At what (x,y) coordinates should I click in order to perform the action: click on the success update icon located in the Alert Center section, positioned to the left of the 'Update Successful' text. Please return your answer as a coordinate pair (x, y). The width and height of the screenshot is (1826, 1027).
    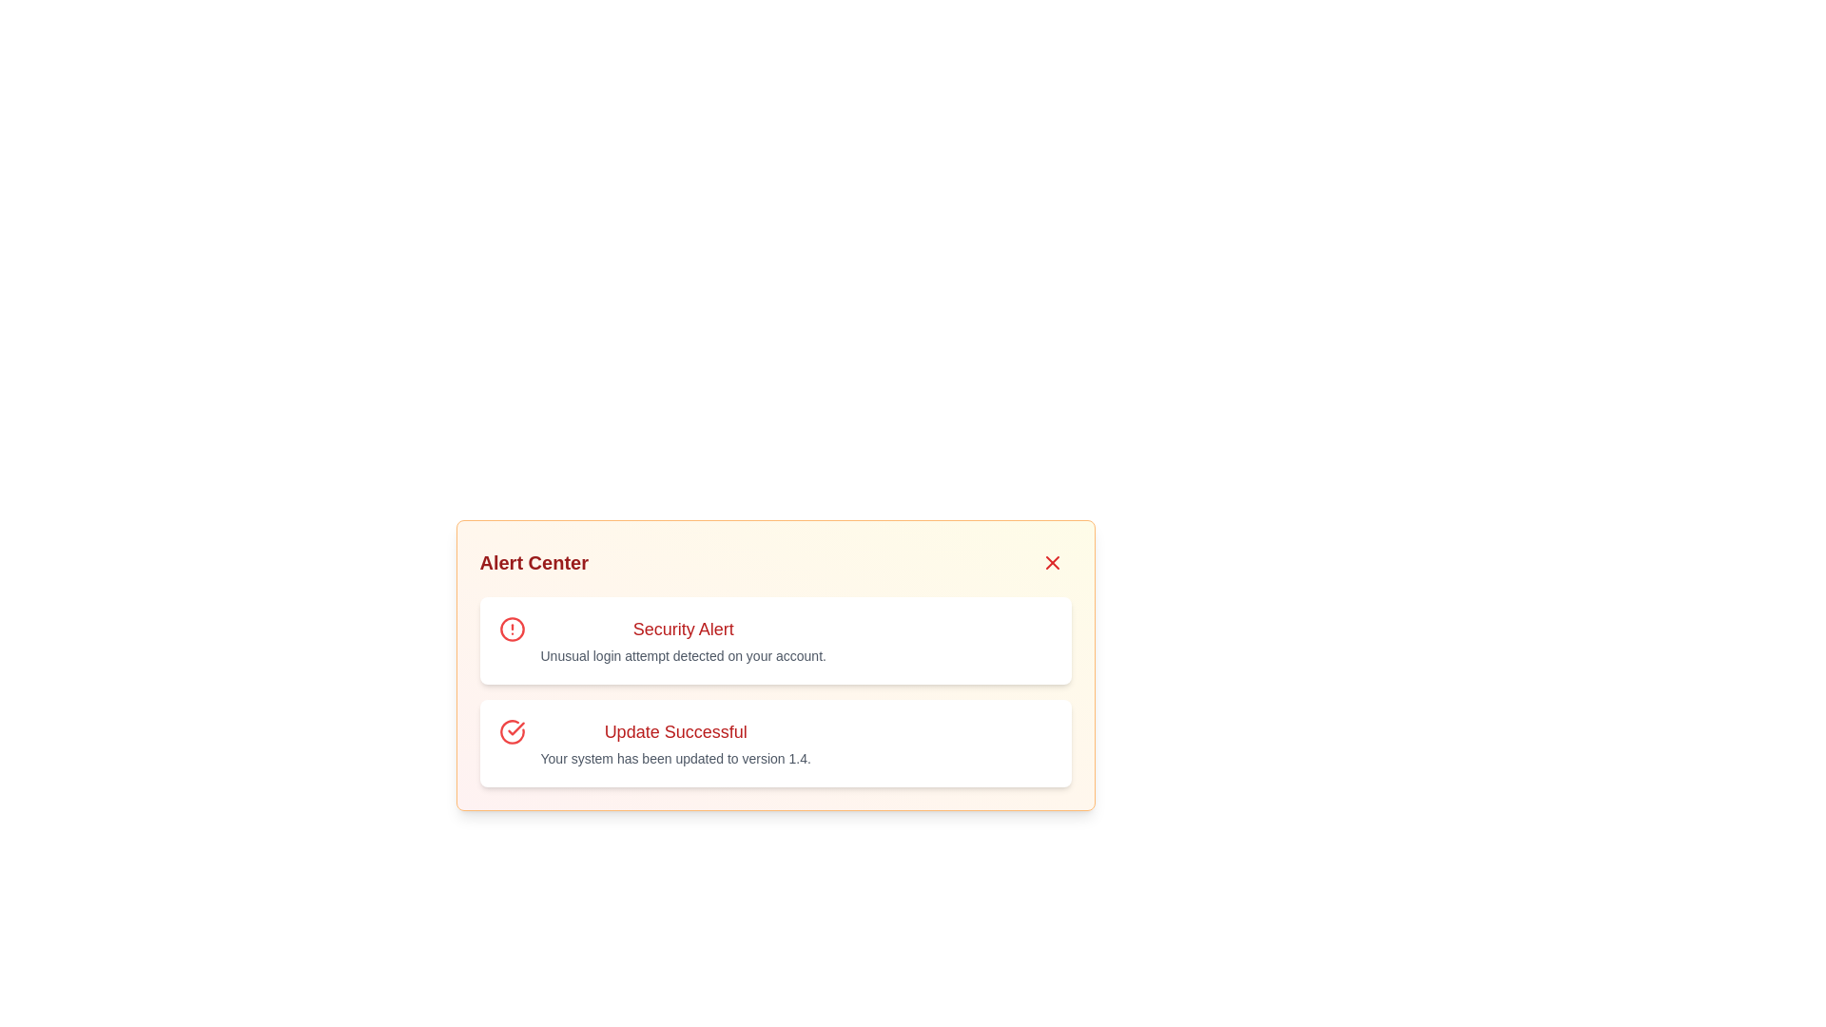
    Looking at the image, I should click on (515, 727).